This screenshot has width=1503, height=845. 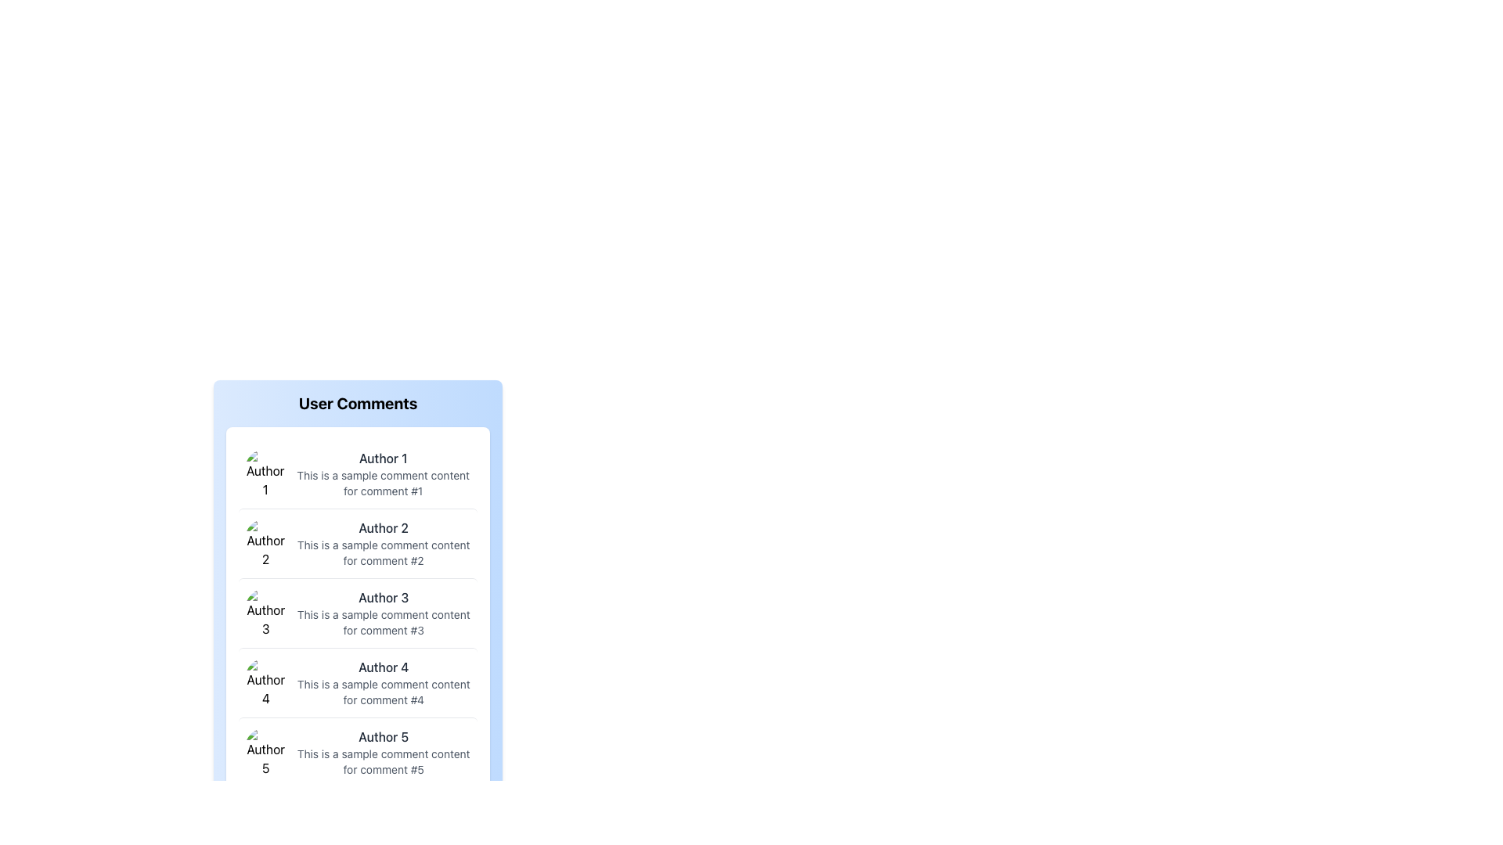 What do you see at coordinates (357, 542) in the screenshot?
I see `on the author's name in the second list item of user comments` at bounding box center [357, 542].